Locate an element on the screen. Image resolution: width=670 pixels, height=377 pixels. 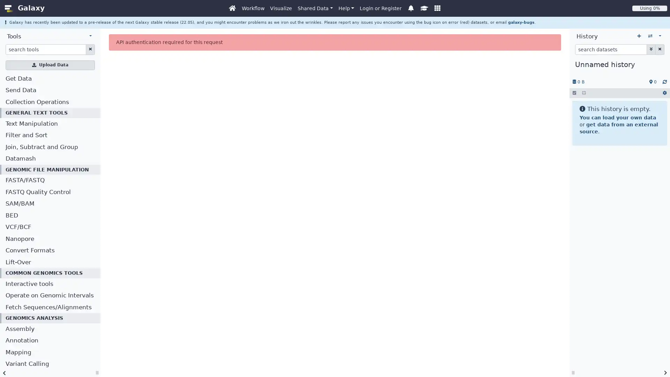
clear search (esc) is located at coordinates (90, 49).